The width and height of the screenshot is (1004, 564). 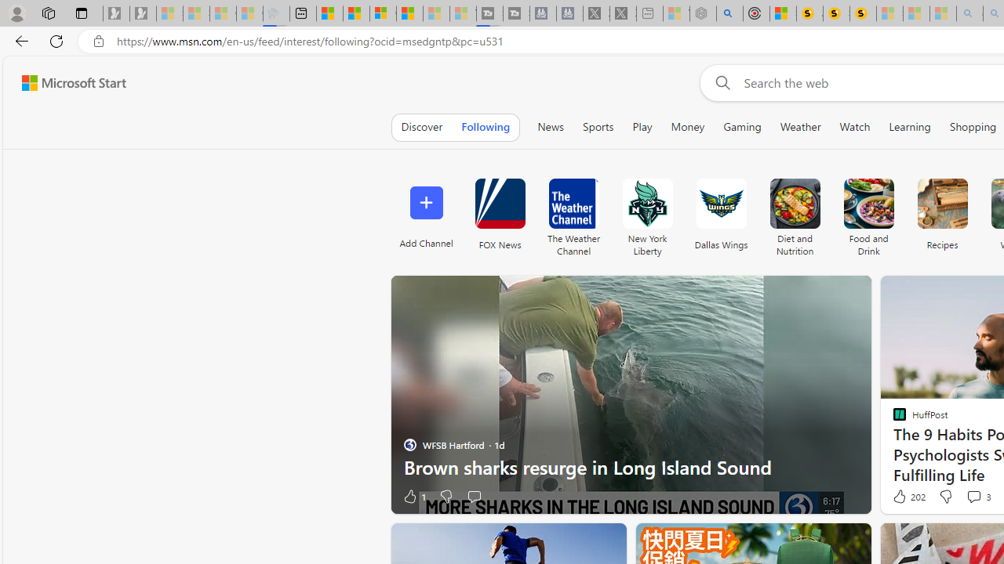 What do you see at coordinates (646, 213) in the screenshot?
I see `'New York Liberty'` at bounding box center [646, 213].